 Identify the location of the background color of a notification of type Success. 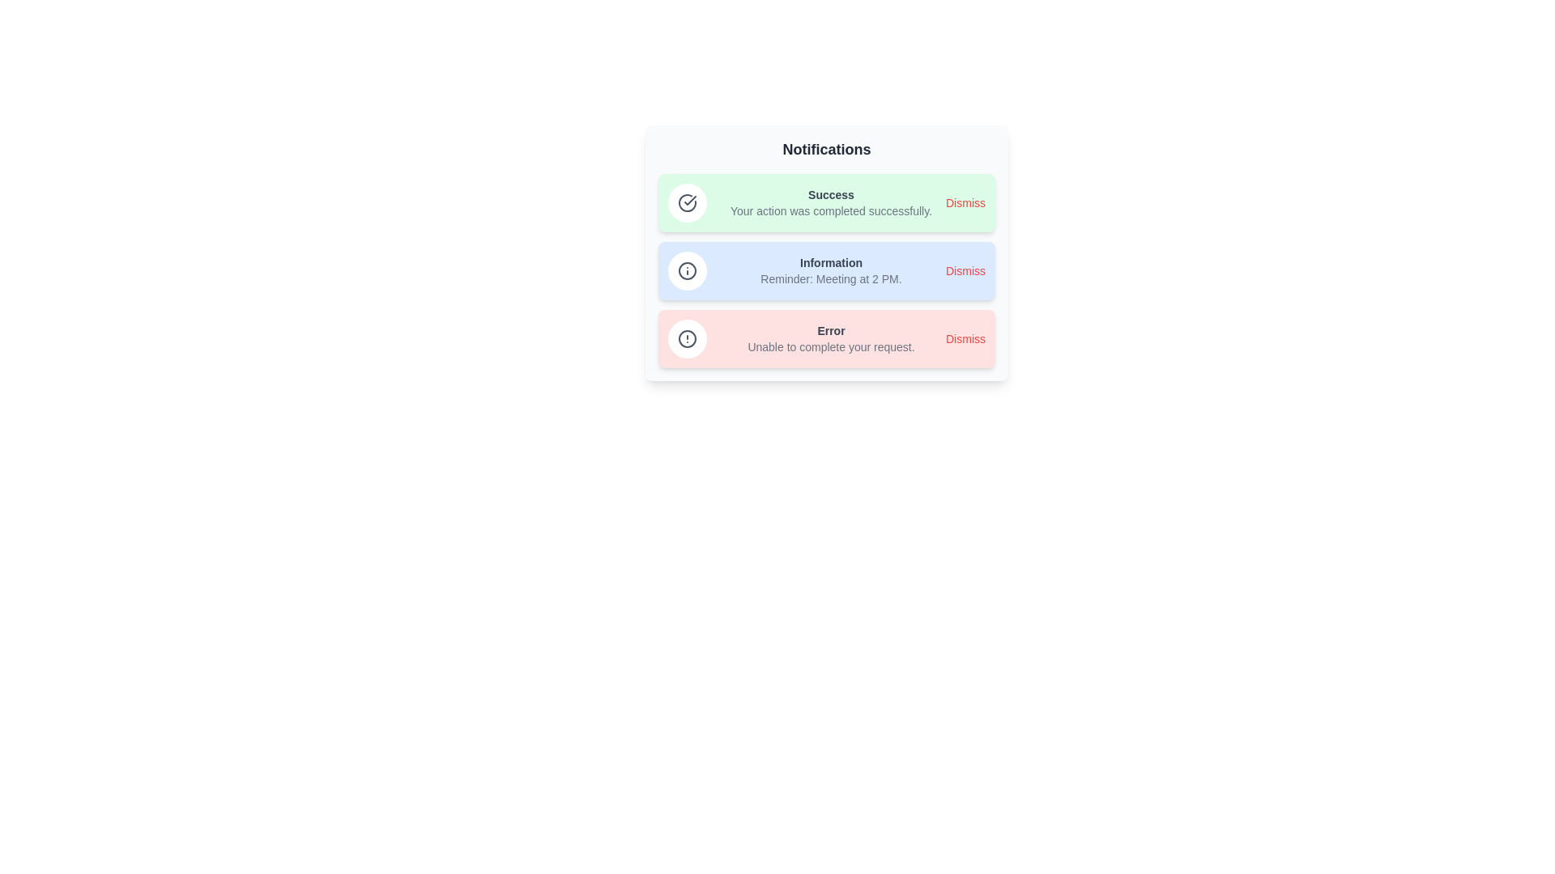
(827, 202).